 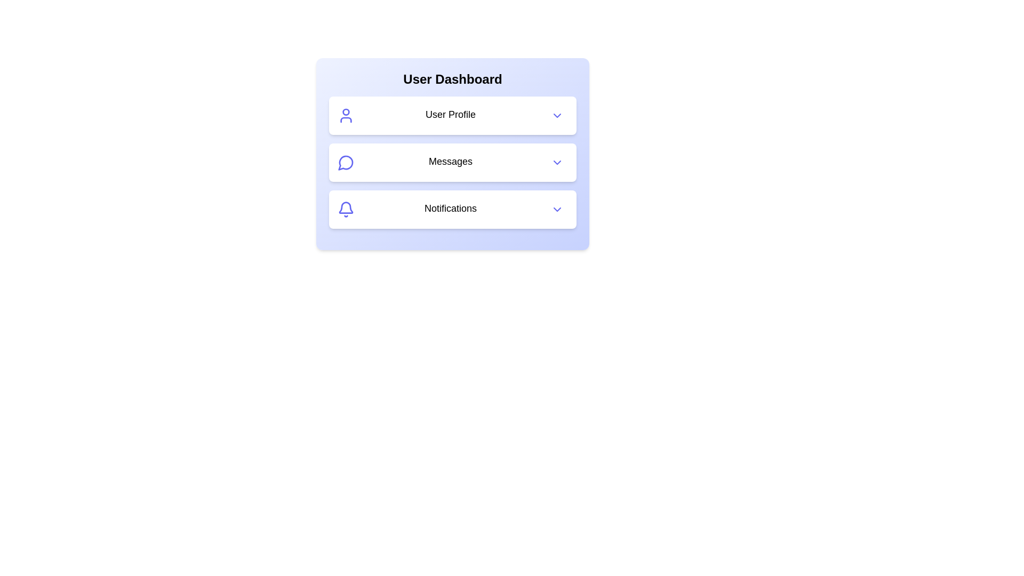 I want to click on the icon corresponding to Messages, so click(x=346, y=162).